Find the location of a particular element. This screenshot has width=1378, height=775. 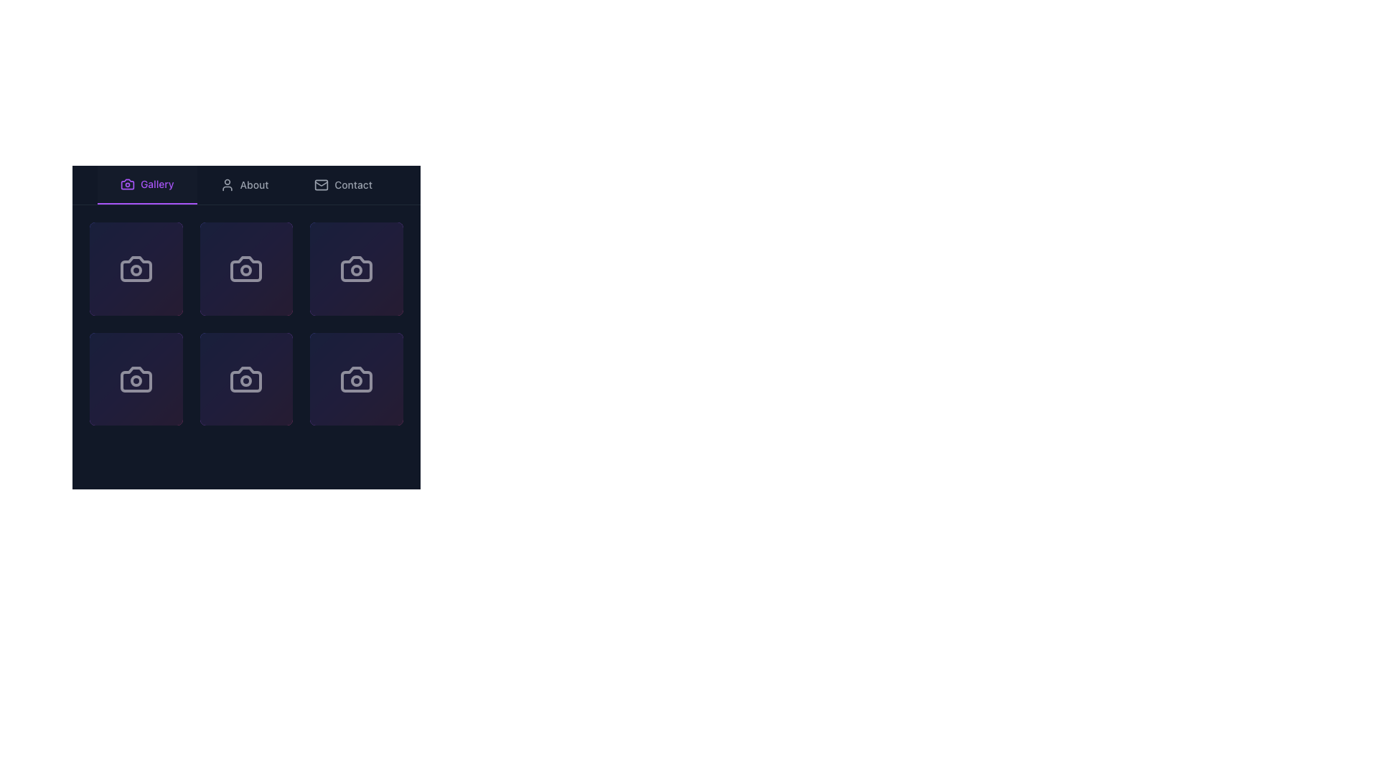

the decorative graphical element located at the center of the first camera icon in the first row of the 'Gallery' section is located at coordinates (136, 270).